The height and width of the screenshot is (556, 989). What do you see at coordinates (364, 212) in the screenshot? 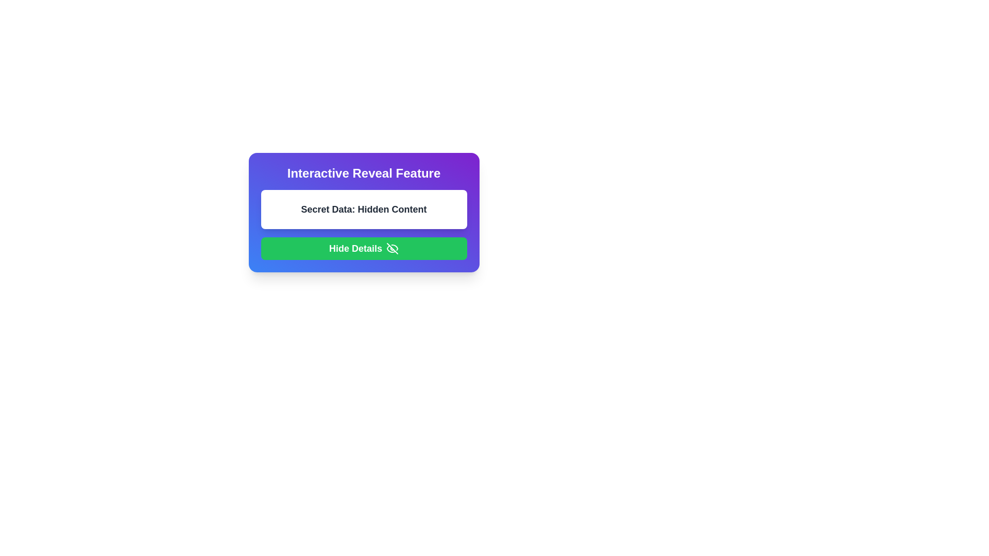
I see `text content from the rectangular section with a gradient background transitioning from blue to purple, which is located below the heading 'Interactive Reveal Feature' and above the 'Hide Details' button` at bounding box center [364, 212].